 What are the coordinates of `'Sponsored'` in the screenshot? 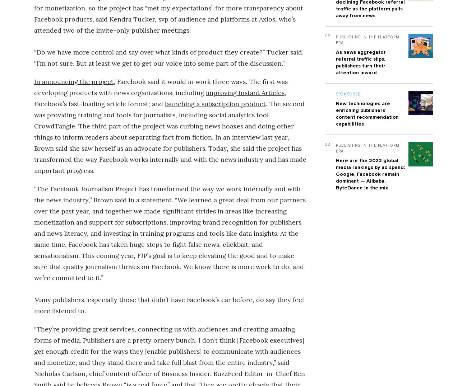 It's located at (348, 94).